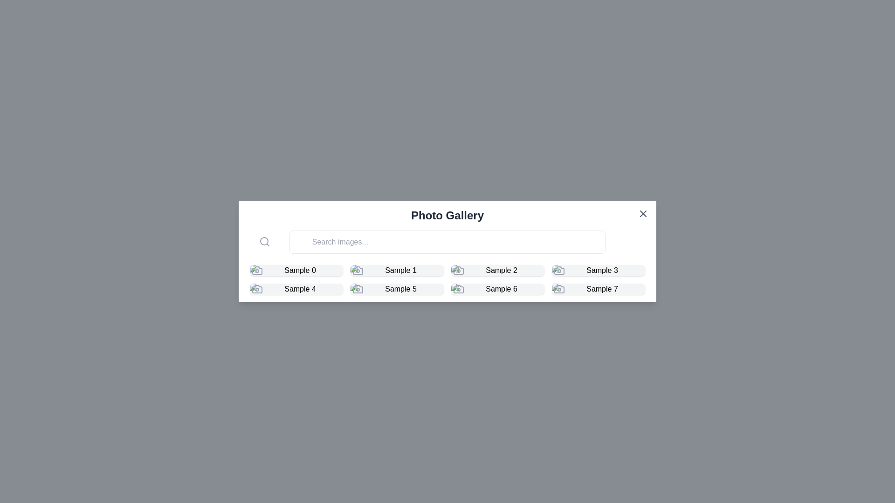 The height and width of the screenshot is (503, 895). I want to click on the Gallery card UI component located in the first row and first column of the grid layout, so click(296, 271).